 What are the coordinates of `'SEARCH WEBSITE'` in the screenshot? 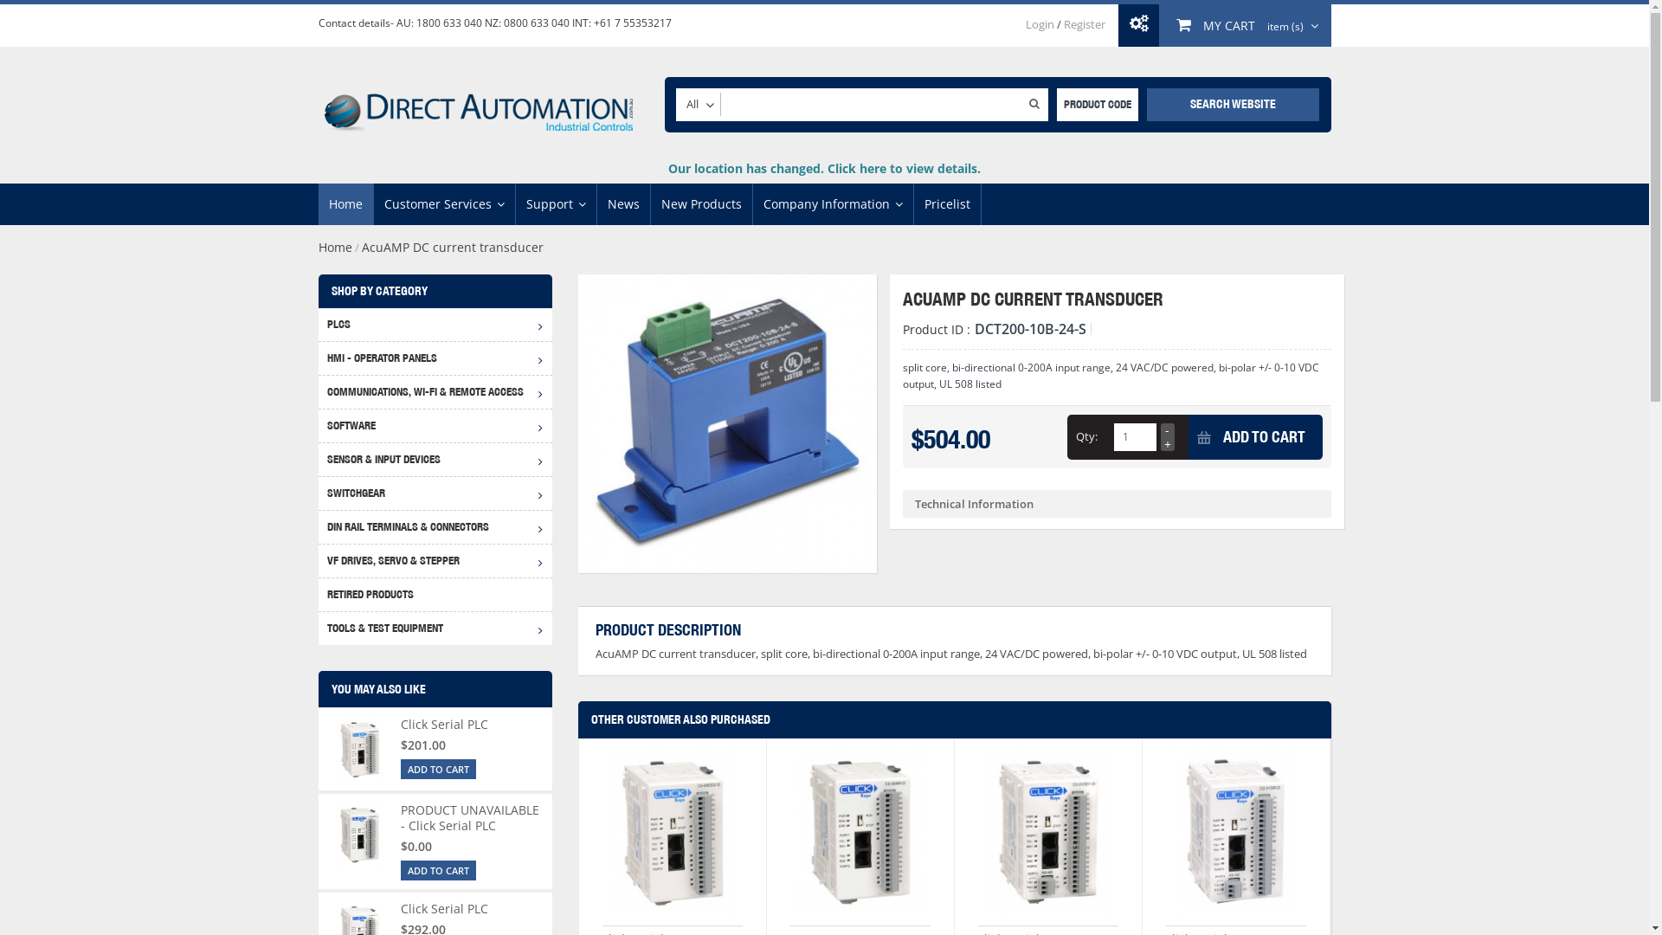 It's located at (1231, 104).